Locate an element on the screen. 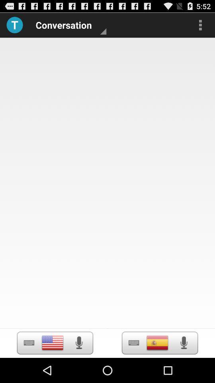 The width and height of the screenshot is (215, 383). this country is located at coordinates (157, 342).